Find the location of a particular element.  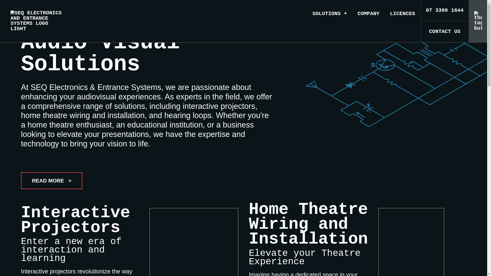

'COMPANY' is located at coordinates (368, 21).